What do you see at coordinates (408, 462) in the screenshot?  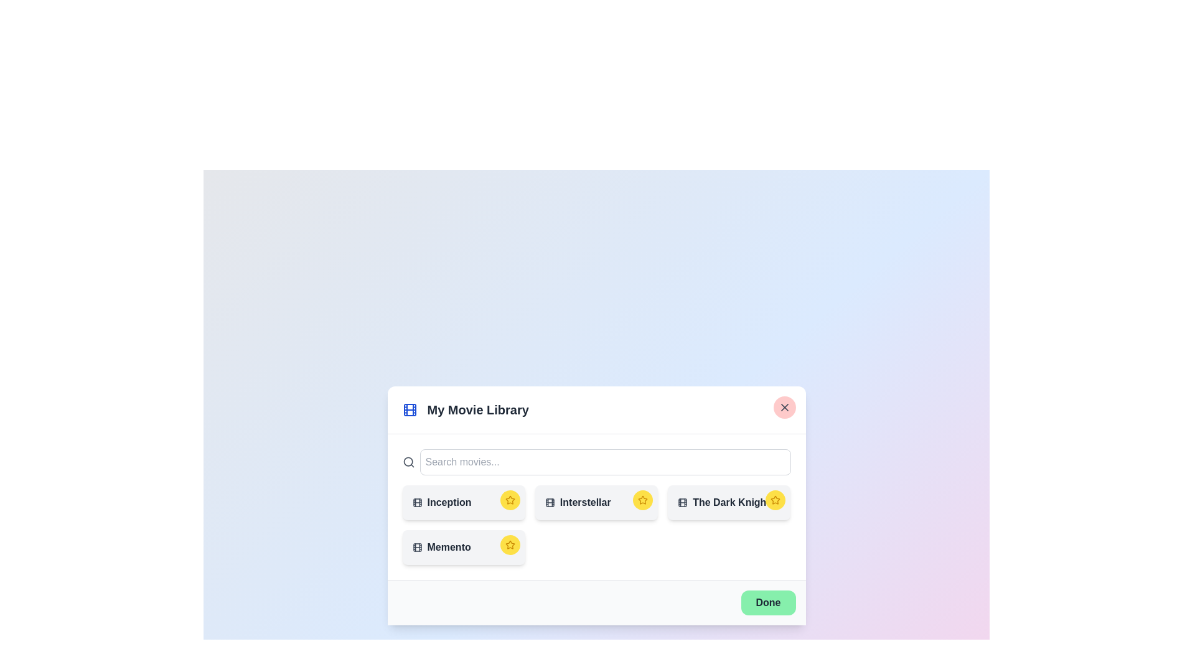 I see `the visual state of the search icon located on the left side of the search input field, adjacent to the placeholder text 'Search movies...'` at bounding box center [408, 462].